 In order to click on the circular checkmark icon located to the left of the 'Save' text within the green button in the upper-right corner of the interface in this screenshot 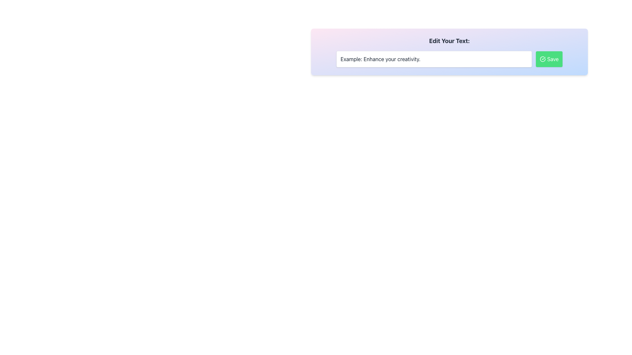, I will do `click(543, 59)`.